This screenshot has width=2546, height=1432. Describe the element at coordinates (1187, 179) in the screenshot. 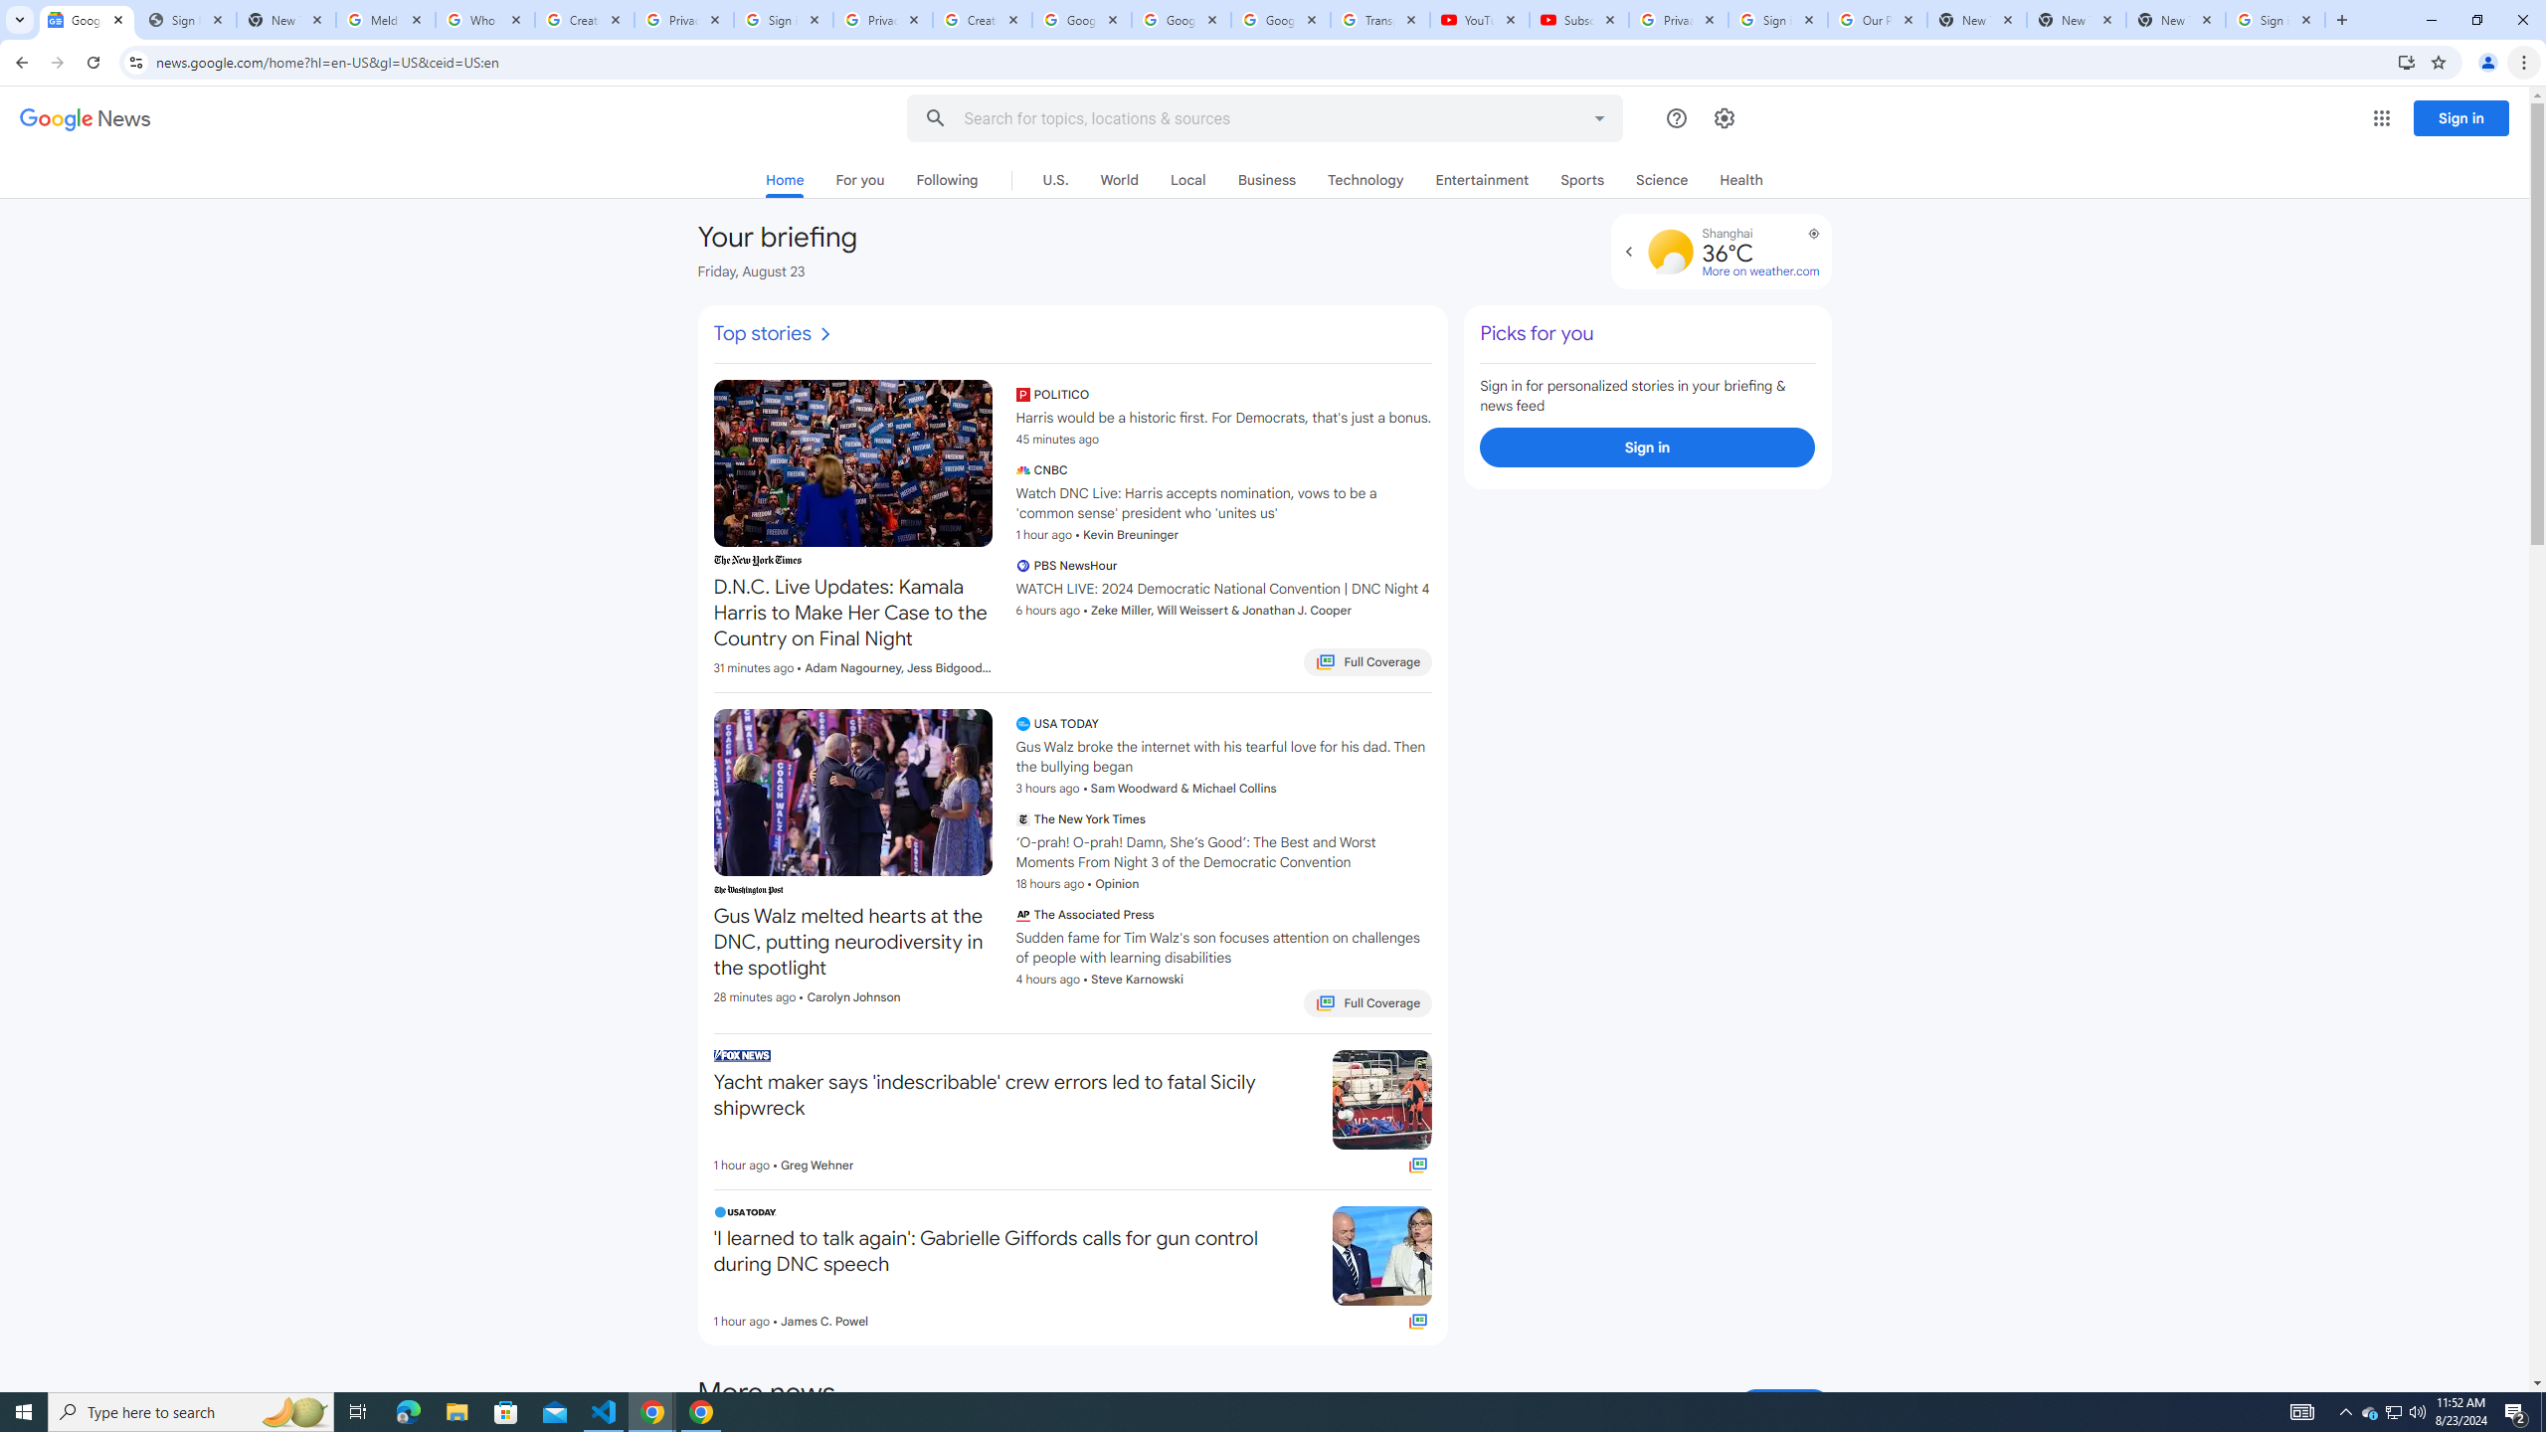

I see `'Local'` at that location.